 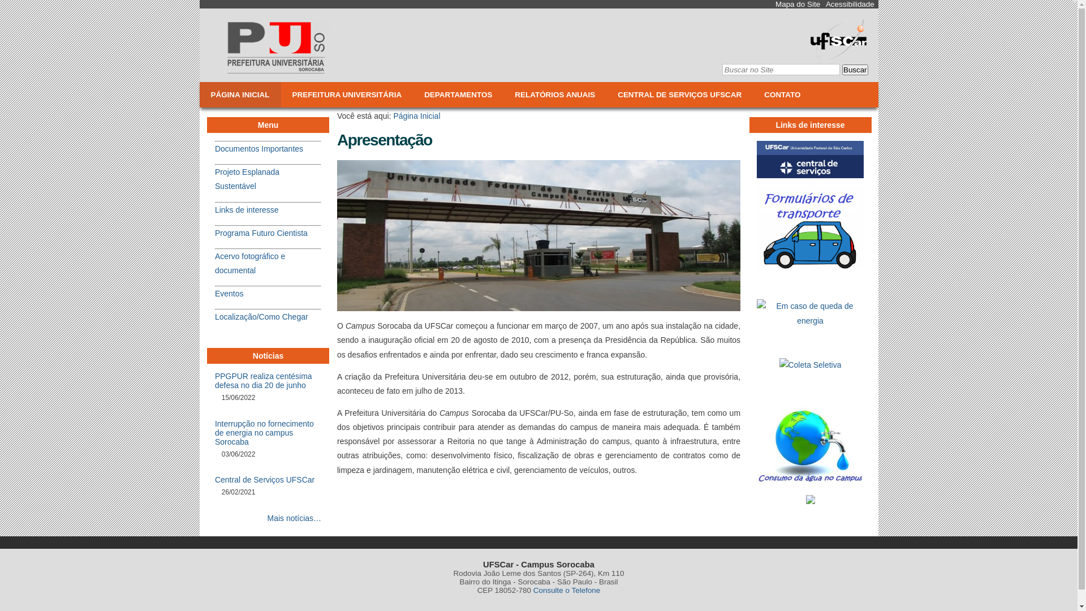 What do you see at coordinates (850, 4) in the screenshot?
I see `'Acessibilidade'` at bounding box center [850, 4].